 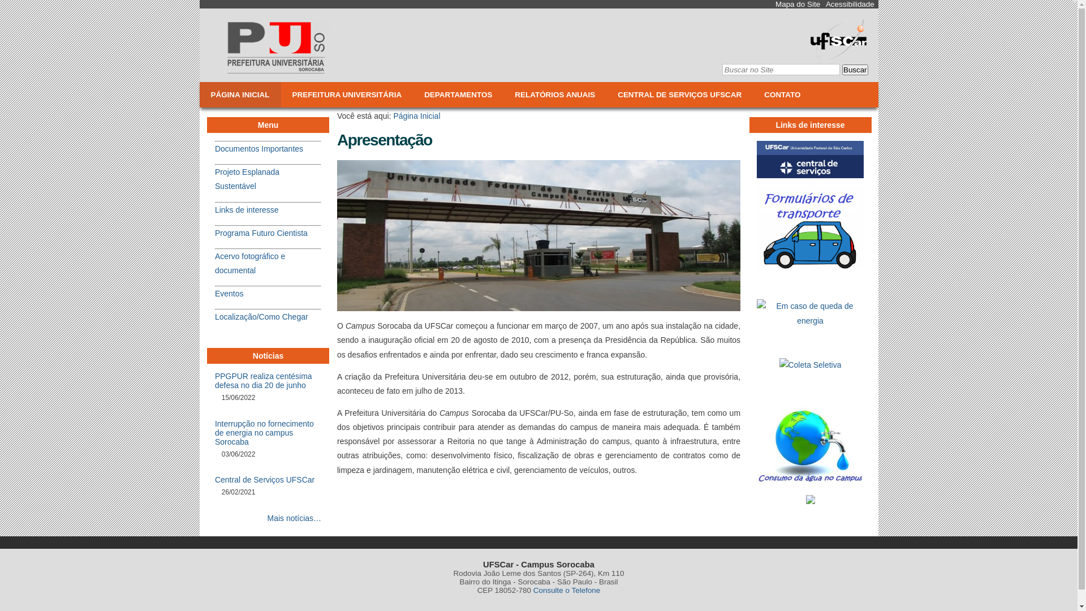 What do you see at coordinates (850, 4) in the screenshot?
I see `'Acessibilidade'` at bounding box center [850, 4].